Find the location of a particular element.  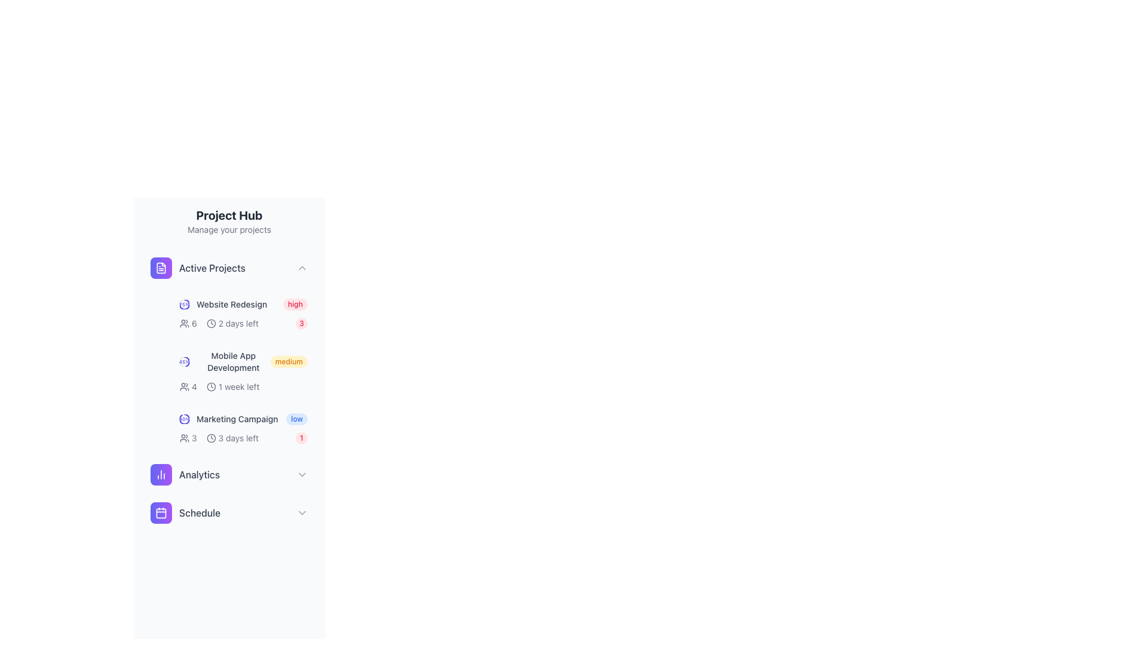

the third List Entry titled 'Marketing Campaign' with a percentage value of '90%' is located at coordinates (243, 419).